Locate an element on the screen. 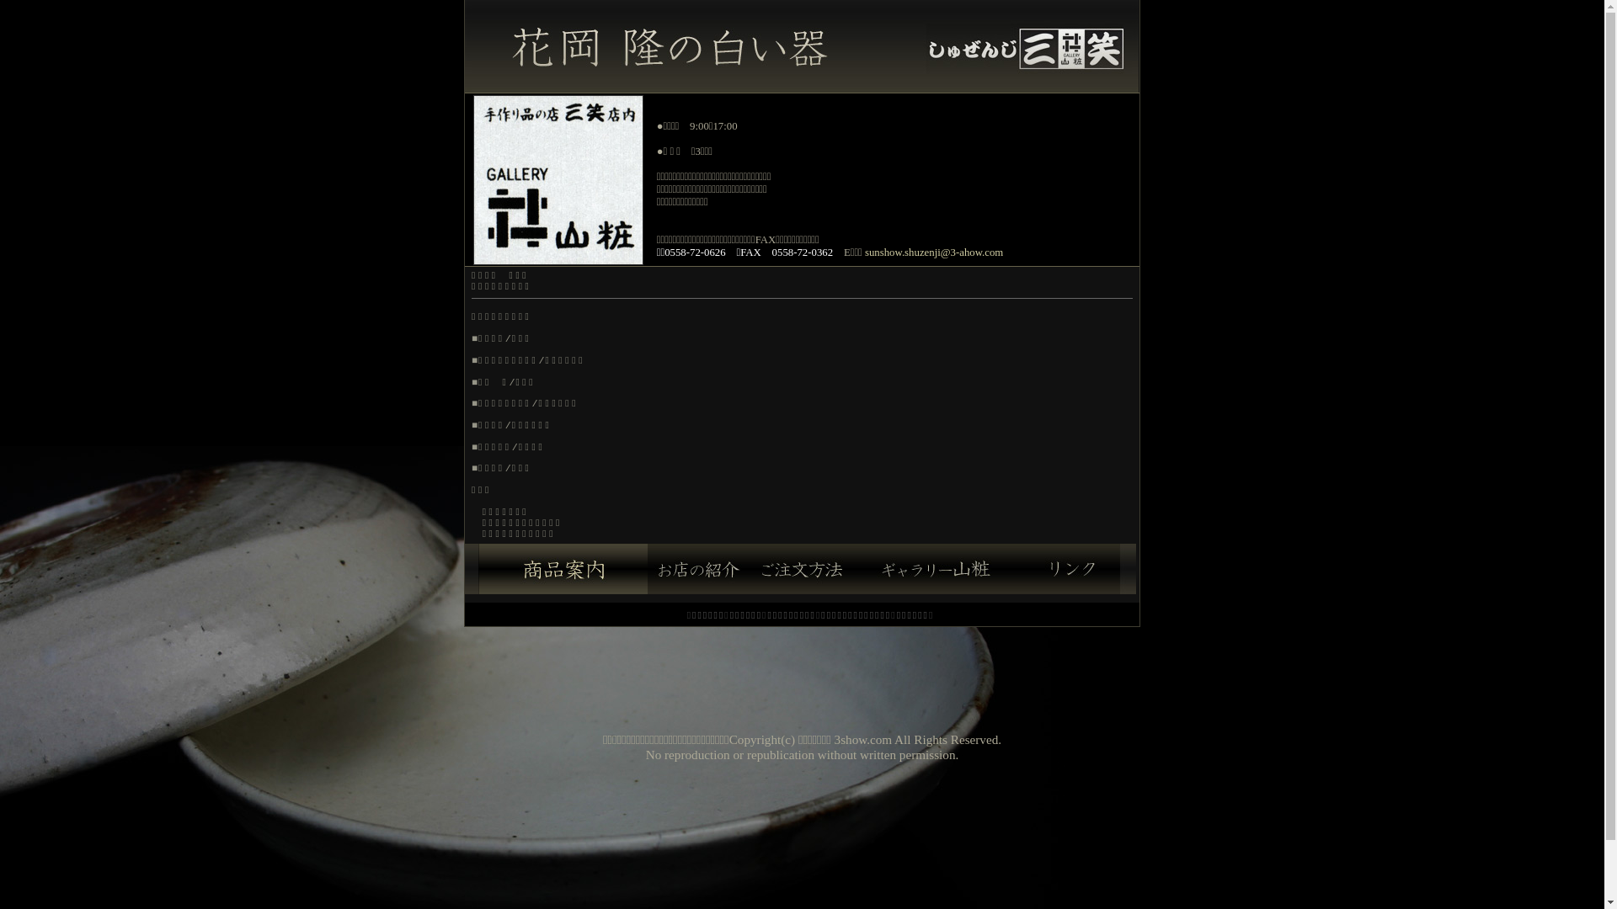 This screenshot has height=909, width=1617. 'sunshow.shuzenji@3-ahow.com' is located at coordinates (932, 252).